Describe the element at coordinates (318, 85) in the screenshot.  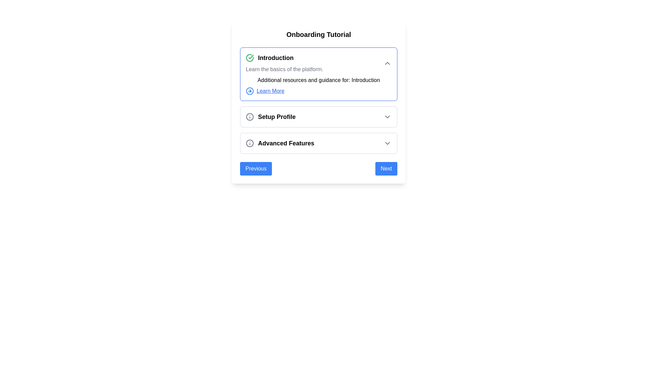
I see `descriptive text of the element containing the lines 'Additional resources and guidance for: Introduction' and the hyperlink 'Learn More' with an icon representing a rightwards arrow` at that location.